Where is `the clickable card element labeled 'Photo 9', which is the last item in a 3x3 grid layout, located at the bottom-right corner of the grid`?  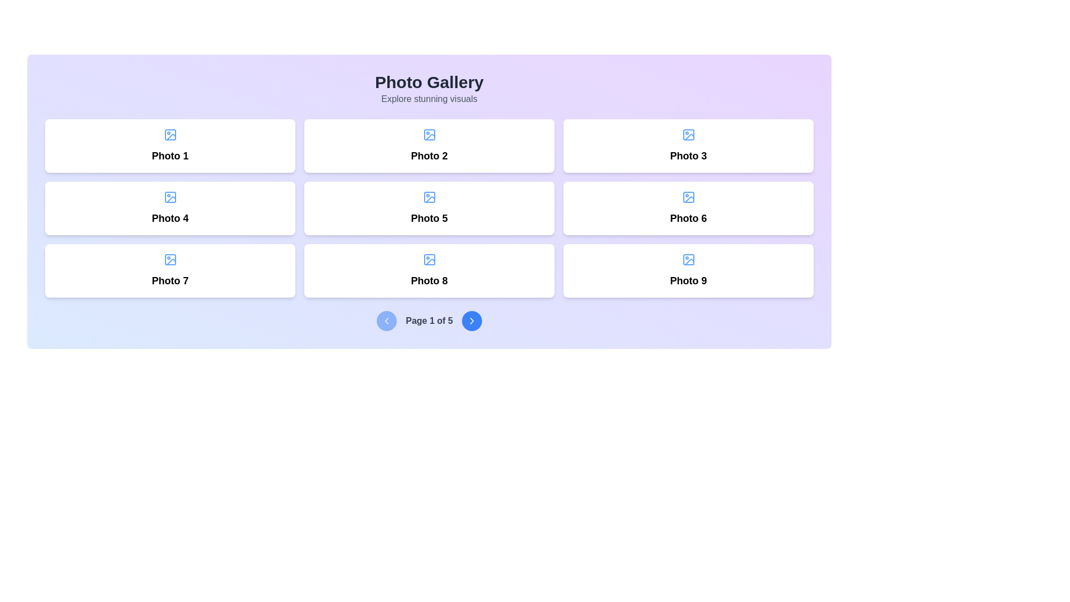
the clickable card element labeled 'Photo 9', which is the last item in a 3x3 grid layout, located at the bottom-right corner of the grid is located at coordinates (688, 271).